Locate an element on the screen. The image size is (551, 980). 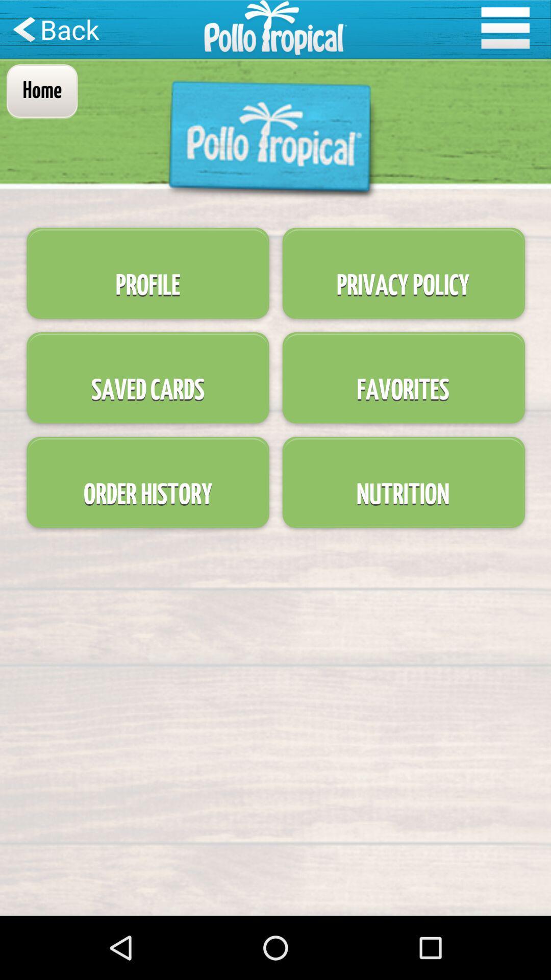
the menu icon is located at coordinates (505, 29).